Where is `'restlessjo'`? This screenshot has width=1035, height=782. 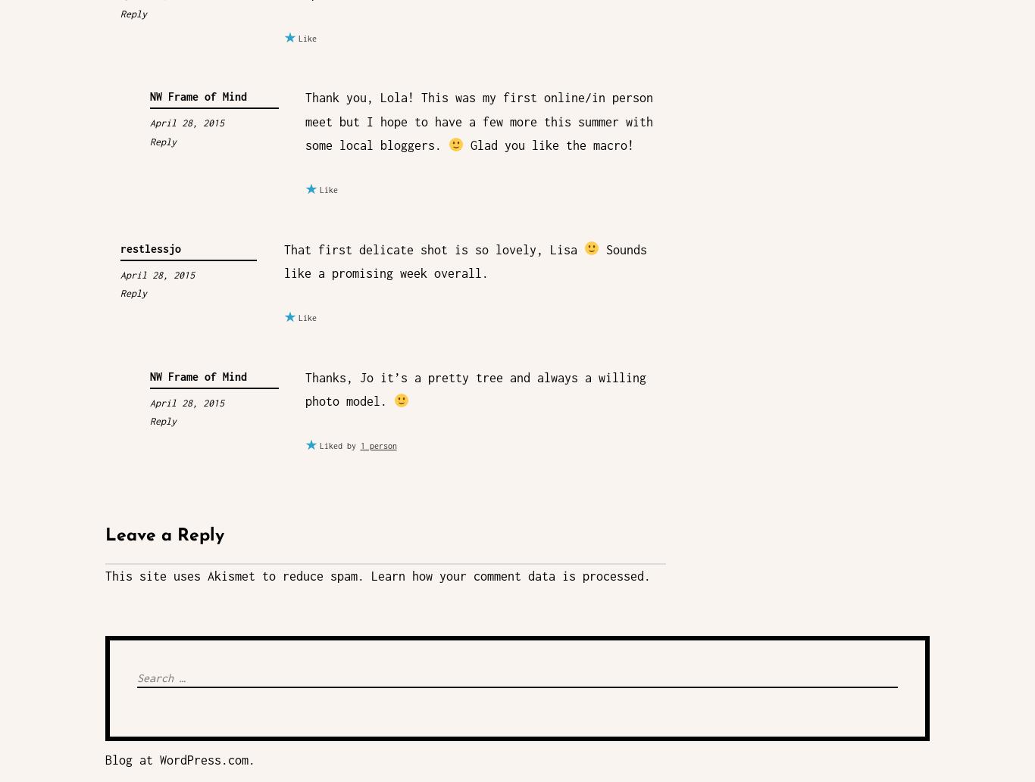 'restlessjo' is located at coordinates (150, 247).